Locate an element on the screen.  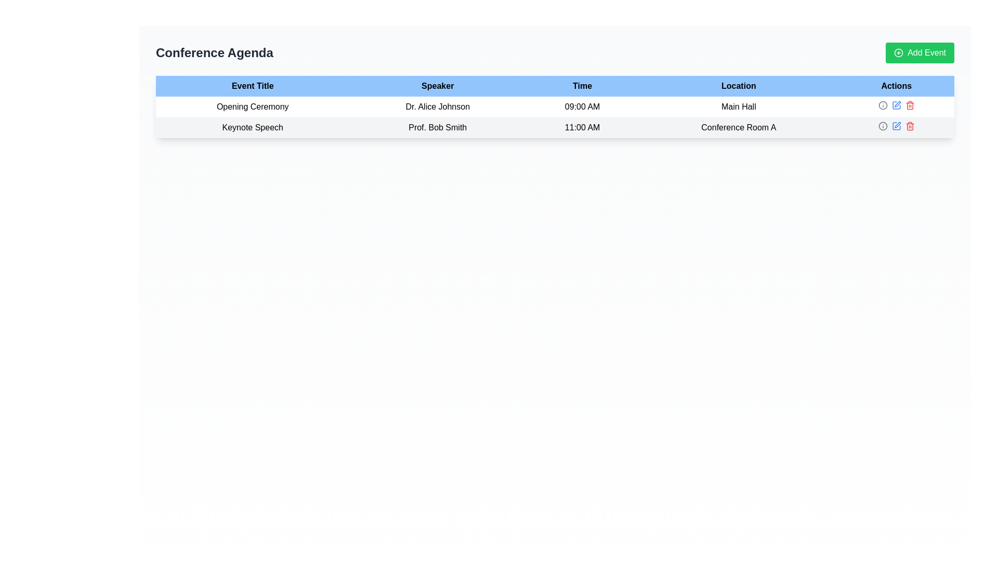
the circular icon with a hollow center and a border within the 'Add Event' button on the top-right section of the interface is located at coordinates (898, 52).